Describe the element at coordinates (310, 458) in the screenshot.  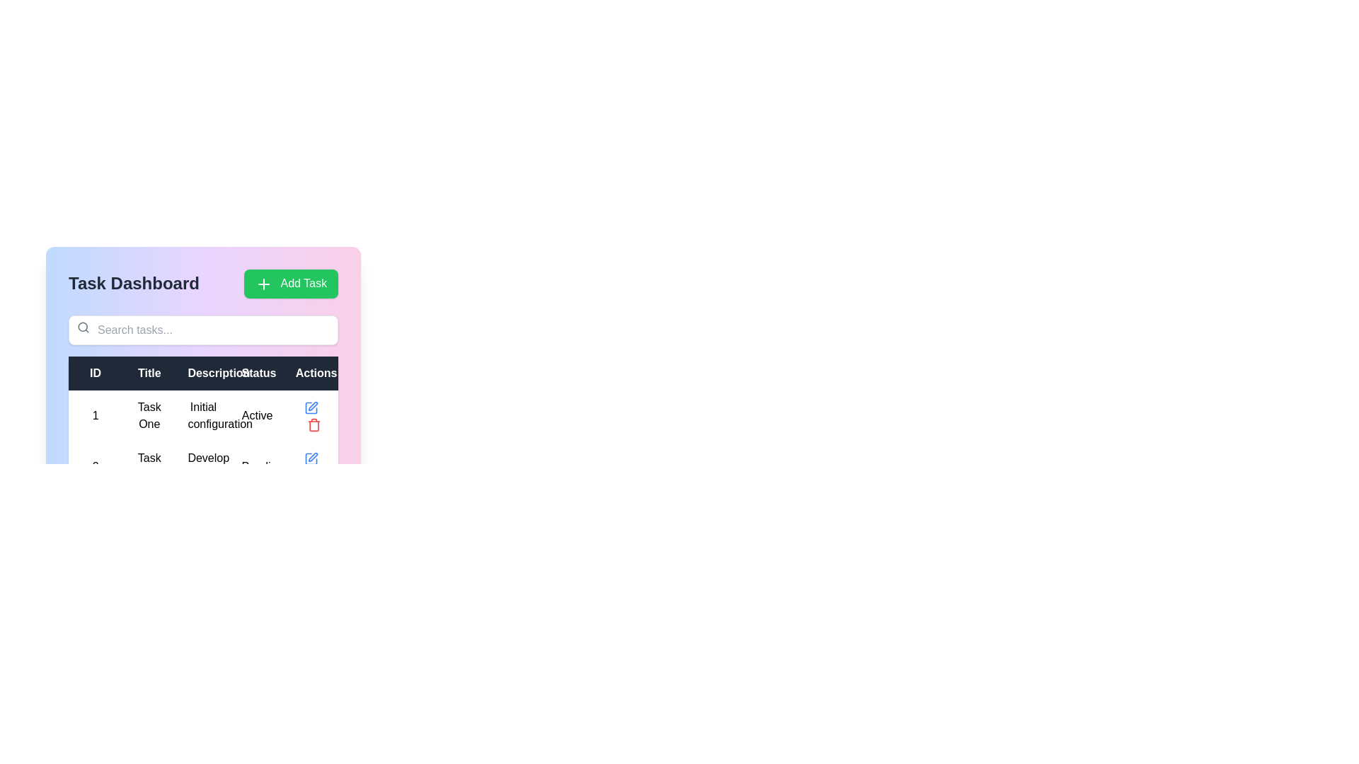
I see `the editing icon button located in the 'Actions' column of the first row in the task dashboard` at that location.